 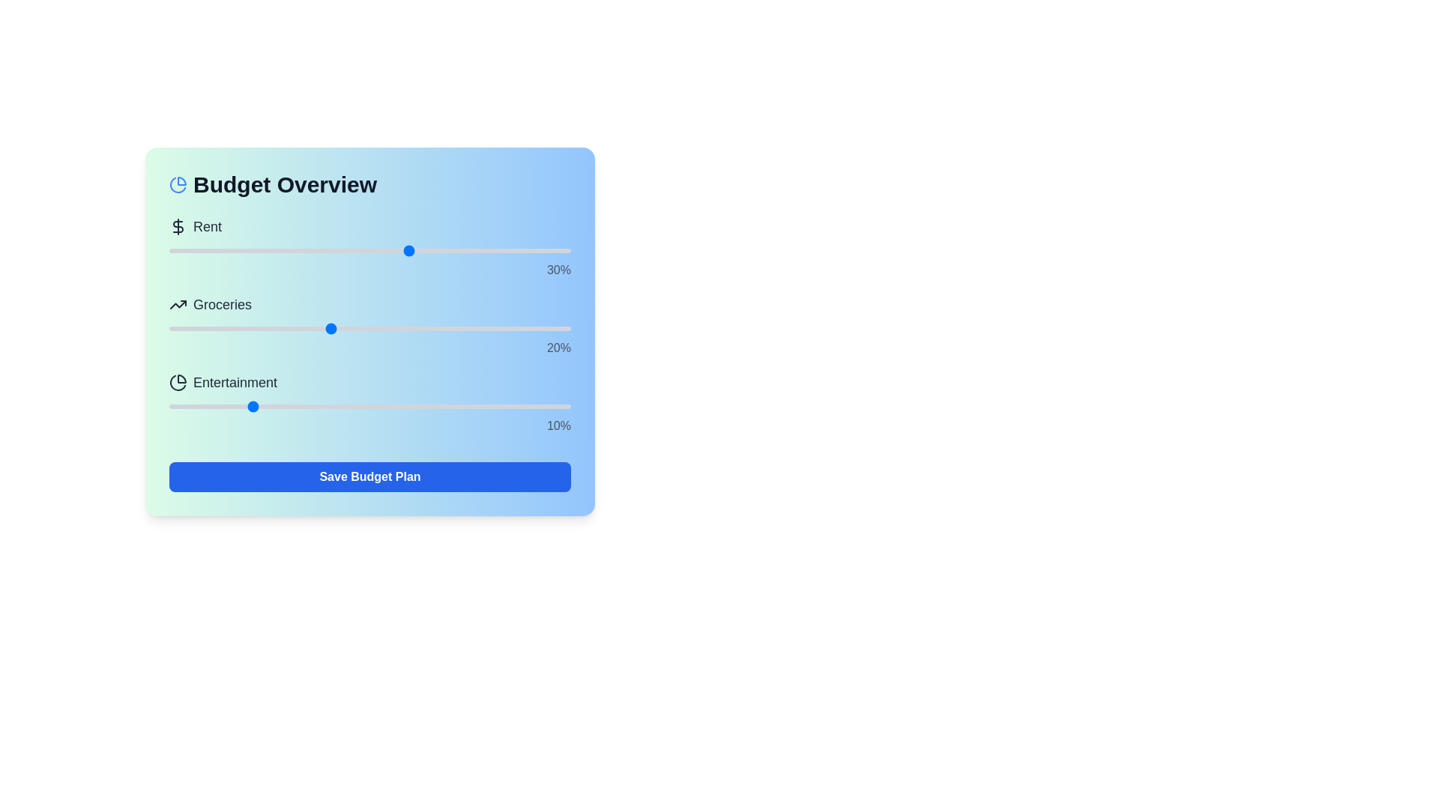 I want to click on the Rent budget allocation, so click(x=345, y=250).